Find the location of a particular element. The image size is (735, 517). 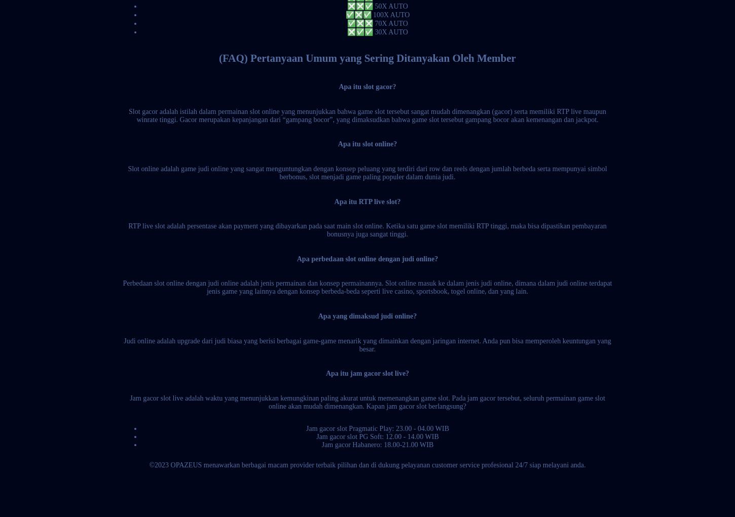

'Apa perbedaan slot online dengan judi online?' is located at coordinates (366, 258).